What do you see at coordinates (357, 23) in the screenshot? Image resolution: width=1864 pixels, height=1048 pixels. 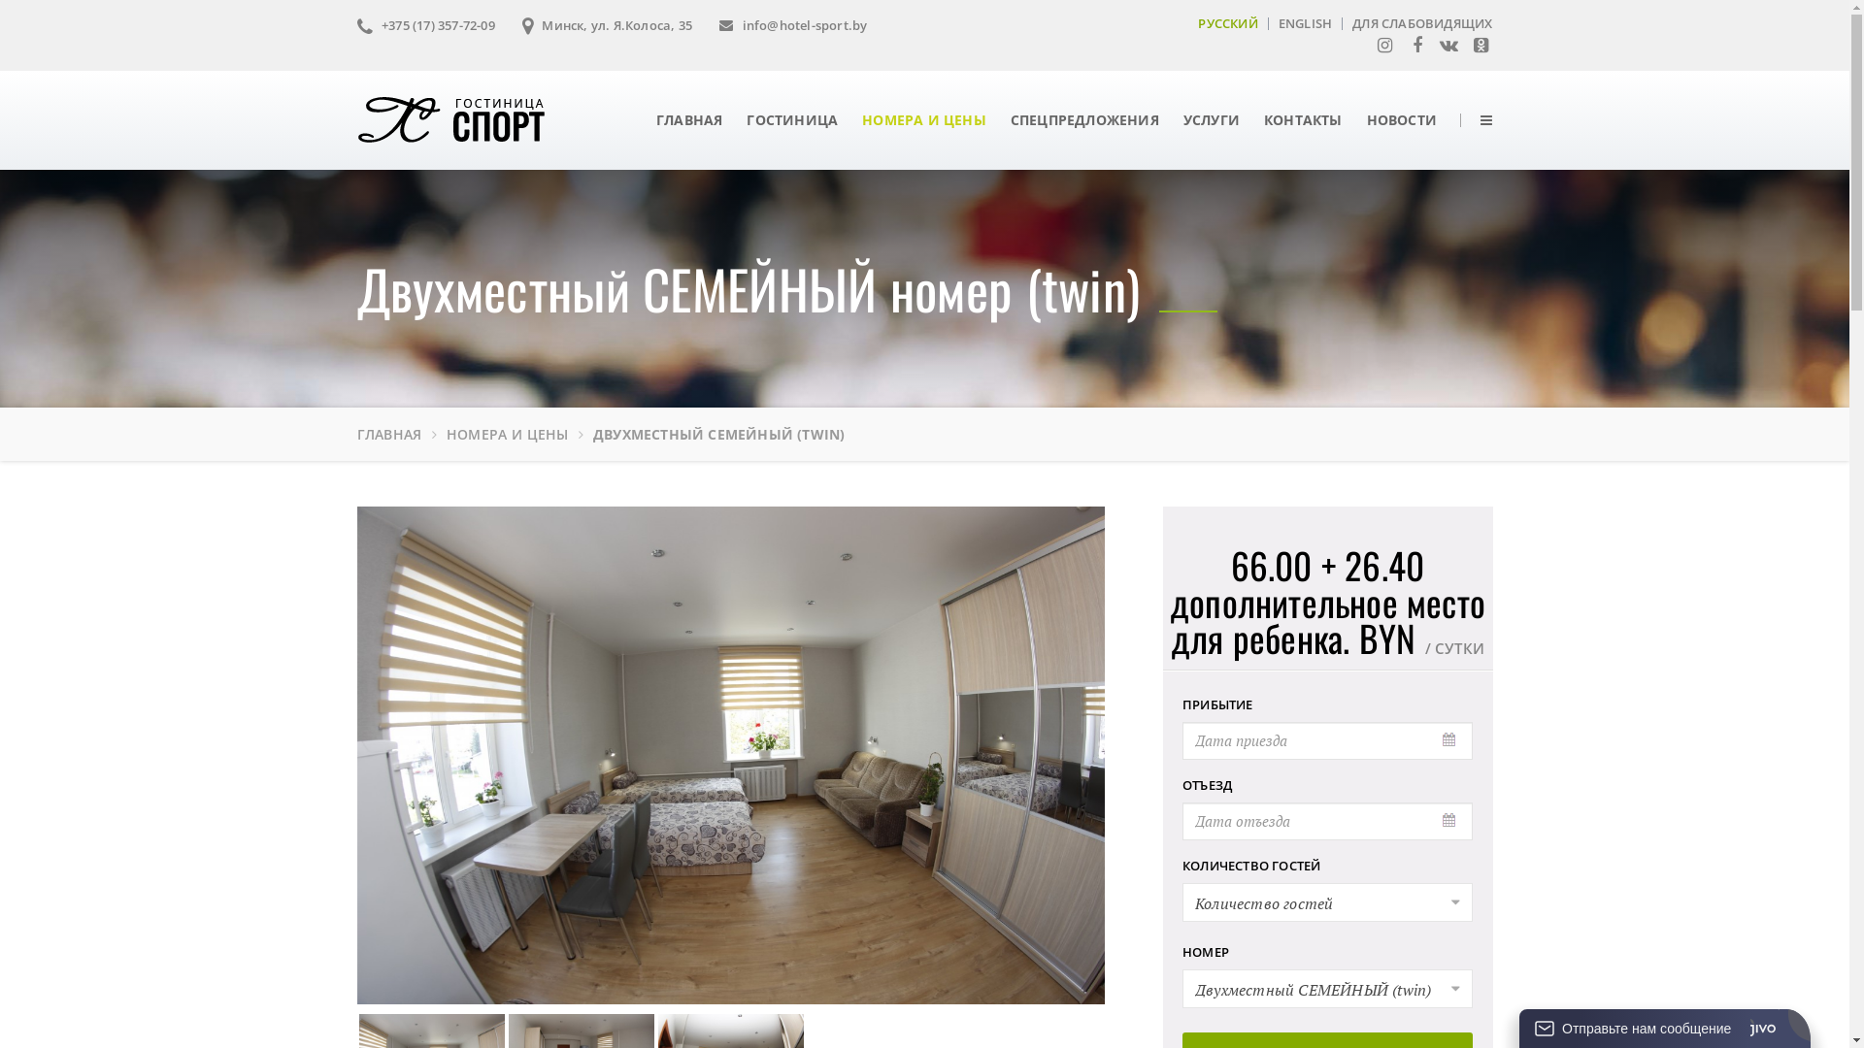 I see `'+375 (17) 357-72-09'` at bounding box center [357, 23].